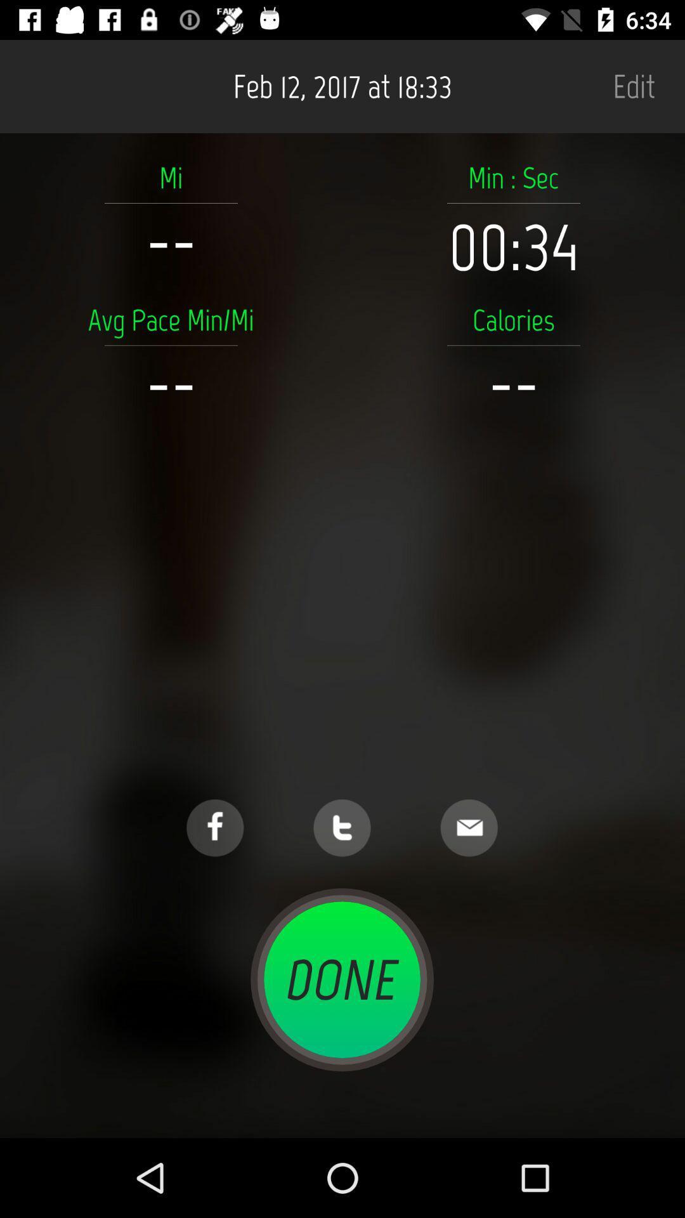 Image resolution: width=685 pixels, height=1218 pixels. Describe the element at coordinates (341, 828) in the screenshot. I see `to go twitter` at that location.